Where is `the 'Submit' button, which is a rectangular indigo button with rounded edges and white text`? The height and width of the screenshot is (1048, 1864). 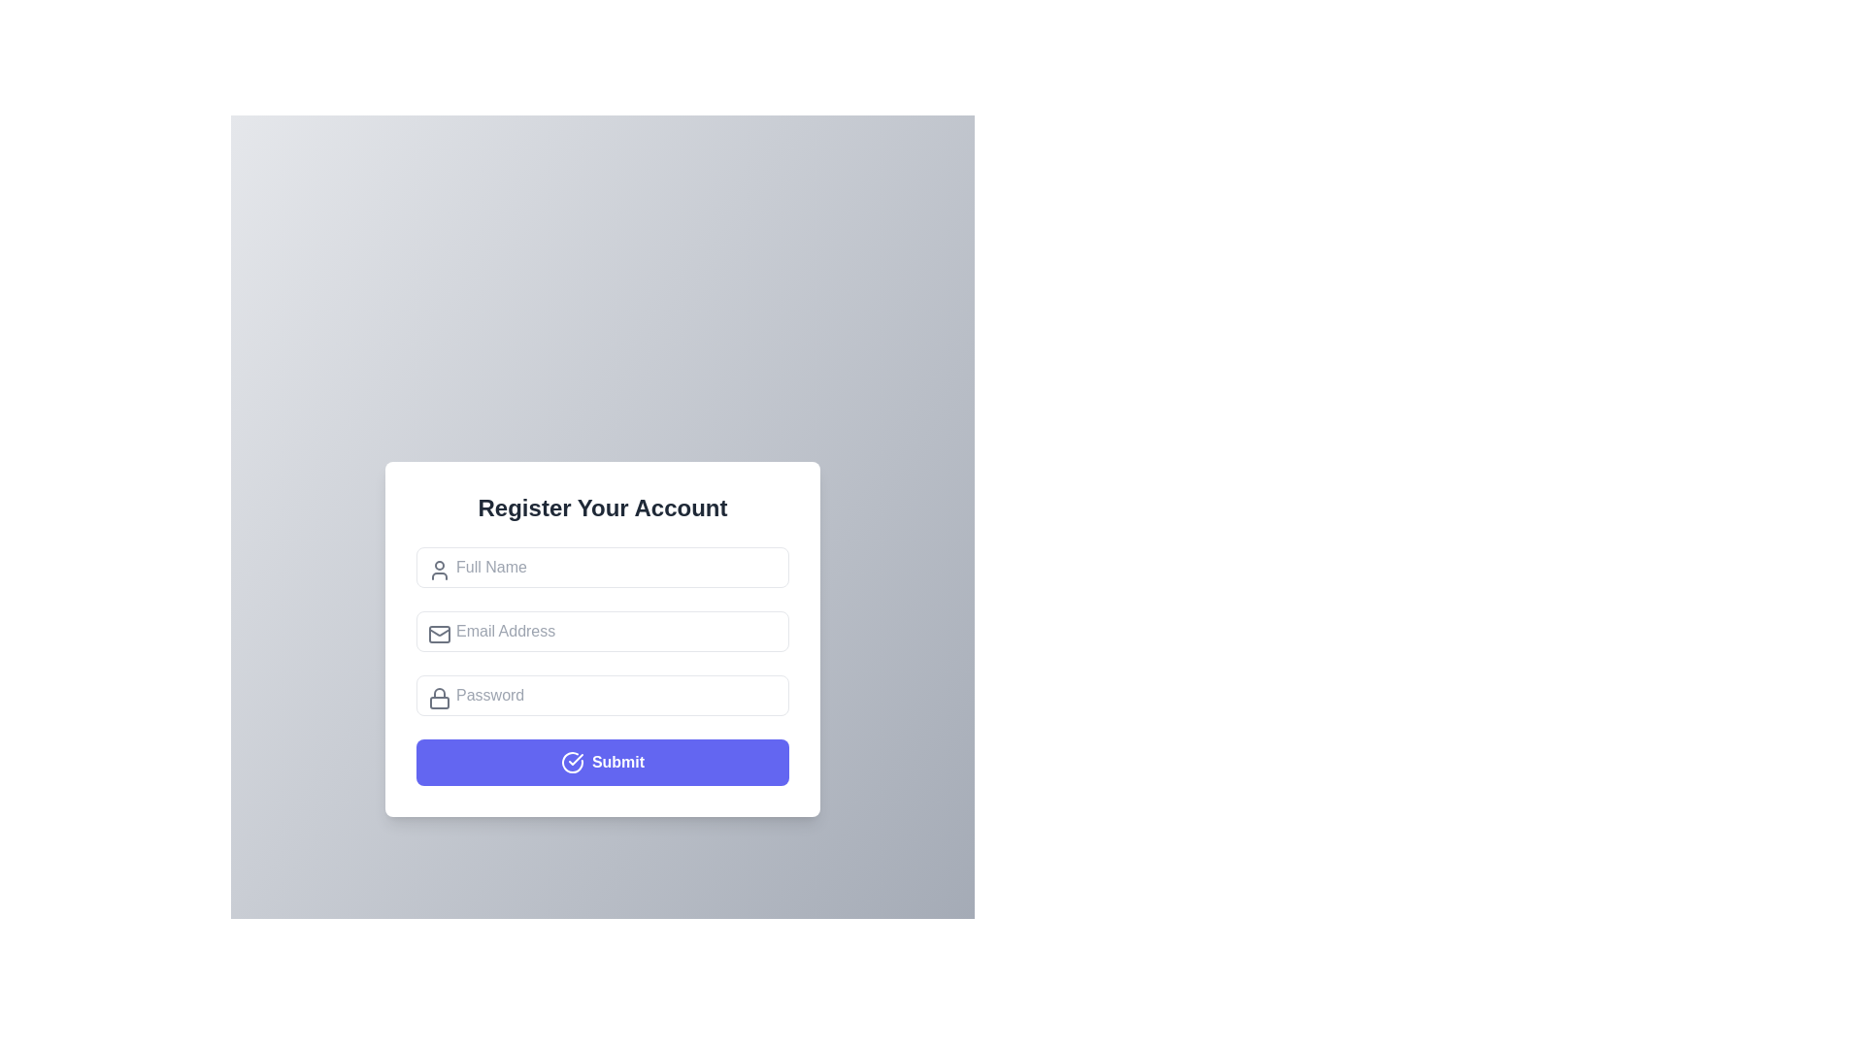
the 'Submit' button, which is a rectangular indigo button with rounded edges and white text is located at coordinates (601, 761).